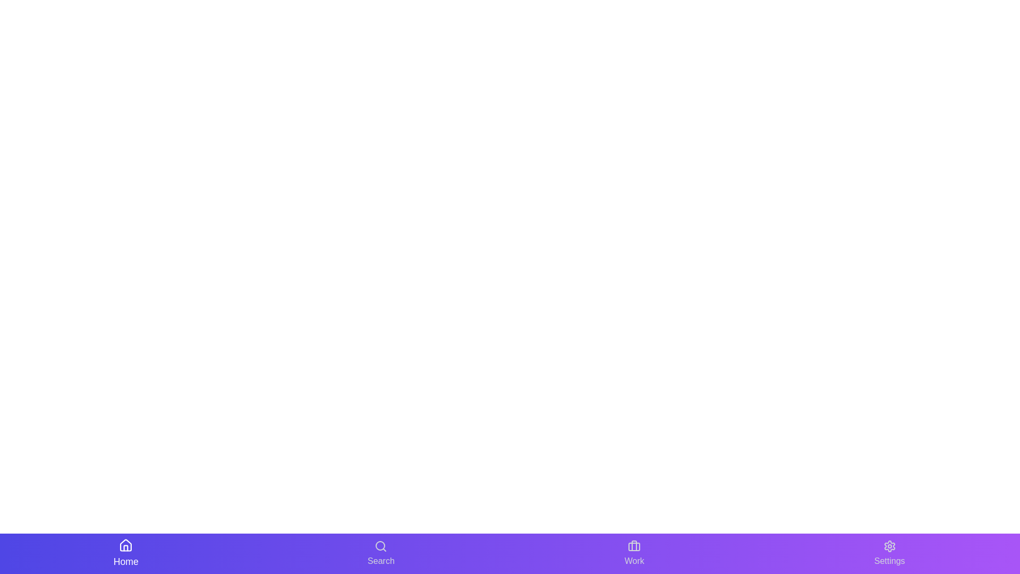 The width and height of the screenshot is (1020, 574). Describe the element at coordinates (889, 553) in the screenshot. I see `the Settings button to navigate to the respective section` at that location.